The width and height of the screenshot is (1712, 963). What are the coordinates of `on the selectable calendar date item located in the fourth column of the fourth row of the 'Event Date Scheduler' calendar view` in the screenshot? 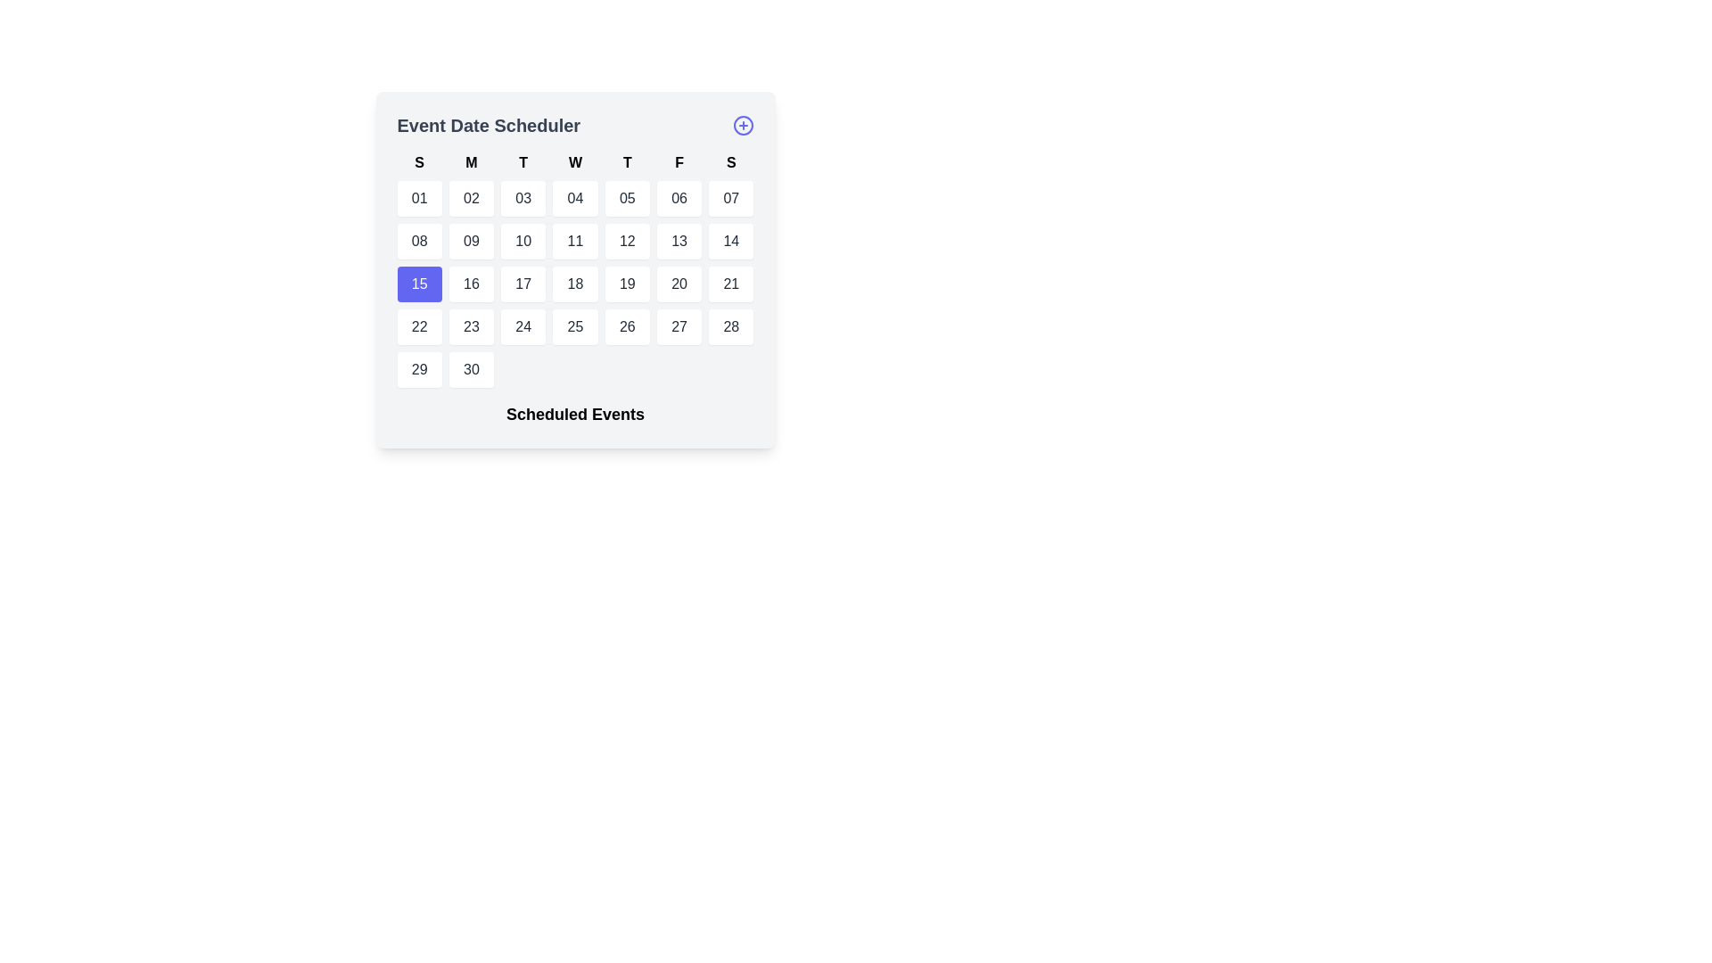 It's located at (575, 284).